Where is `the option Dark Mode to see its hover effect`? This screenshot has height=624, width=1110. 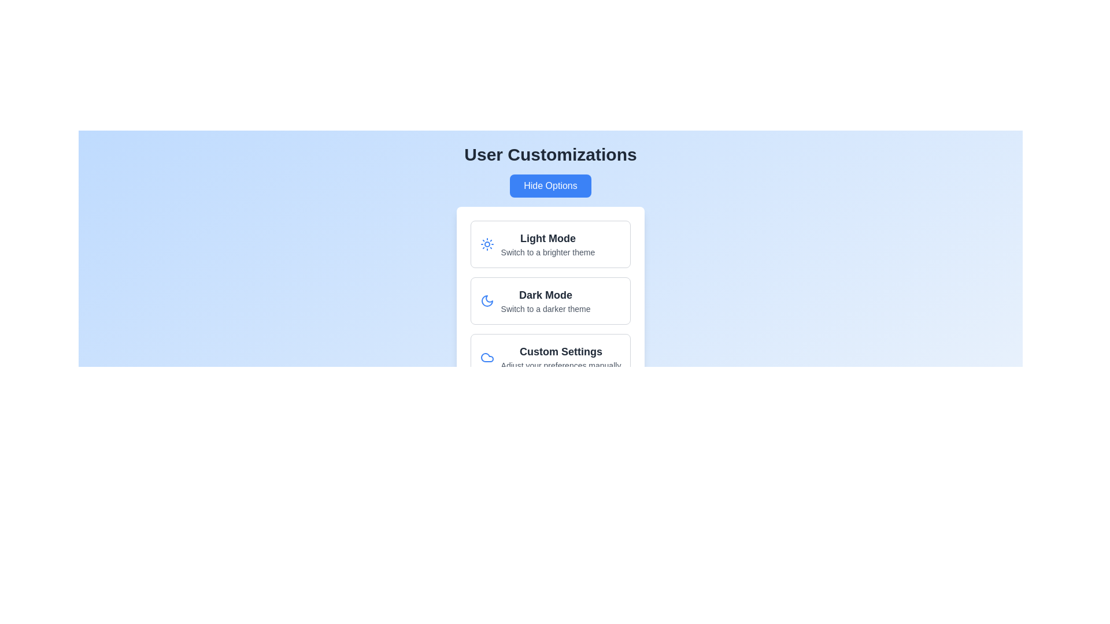
the option Dark Mode to see its hover effect is located at coordinates (550, 300).